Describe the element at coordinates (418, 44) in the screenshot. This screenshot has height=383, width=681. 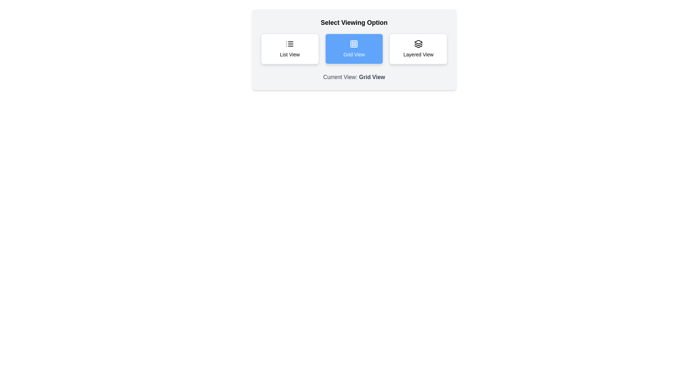
I see `the icon representing a layered structure, located at the top center of the 'Layered View' card` at that location.